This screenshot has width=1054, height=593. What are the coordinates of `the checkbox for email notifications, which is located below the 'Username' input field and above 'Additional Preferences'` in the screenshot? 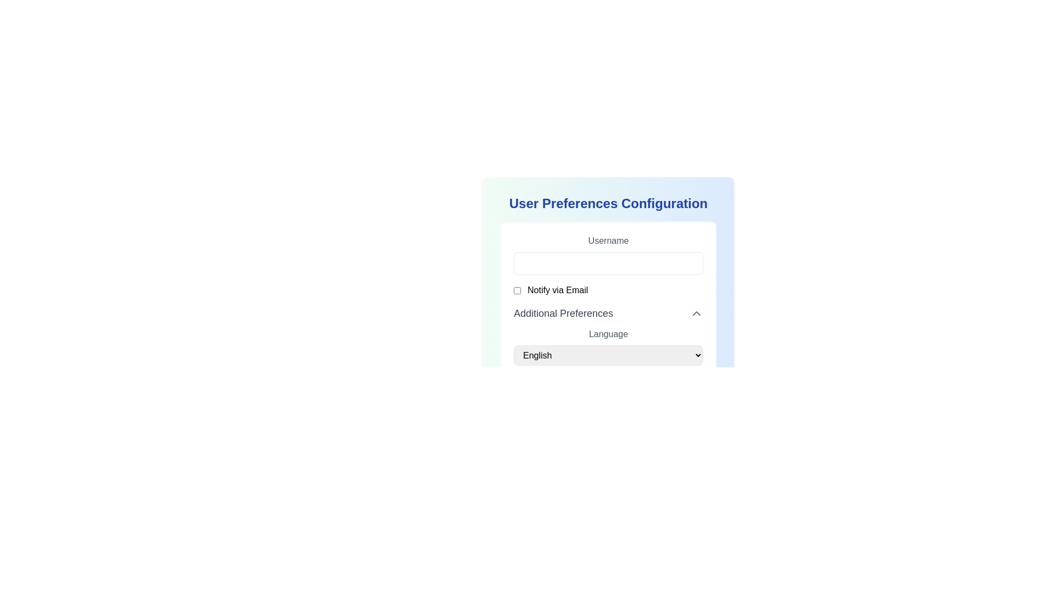 It's located at (517, 289).